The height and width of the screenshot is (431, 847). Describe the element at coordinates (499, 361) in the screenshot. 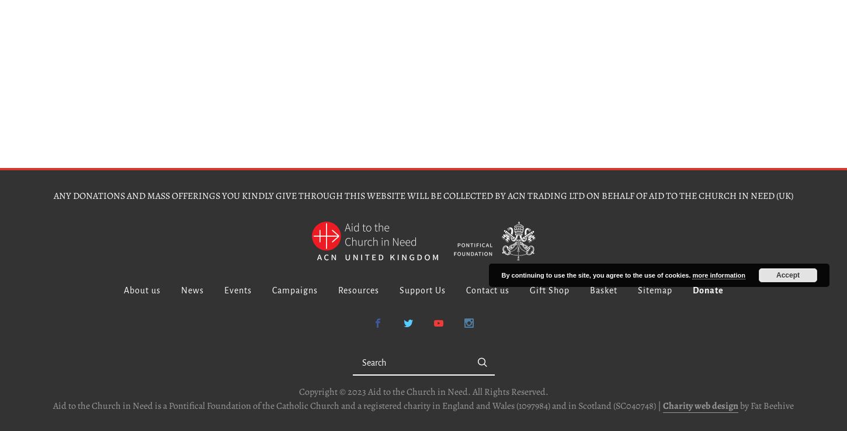

I see `'Submit'` at that location.